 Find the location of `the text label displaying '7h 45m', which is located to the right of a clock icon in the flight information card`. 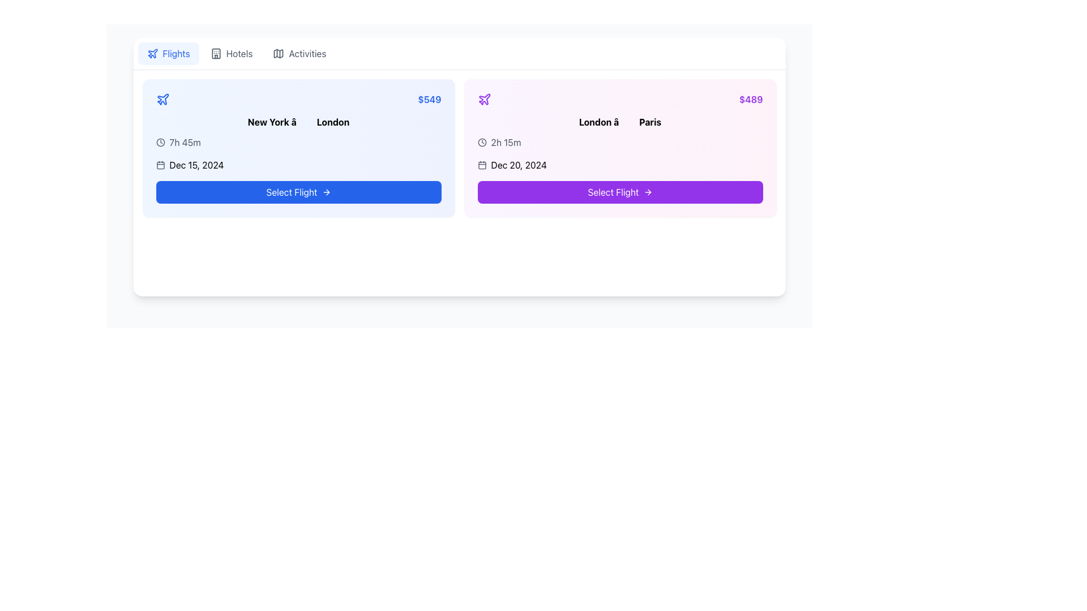

the text label displaying '7h 45m', which is located to the right of a clock icon in the flight information card is located at coordinates (185, 141).